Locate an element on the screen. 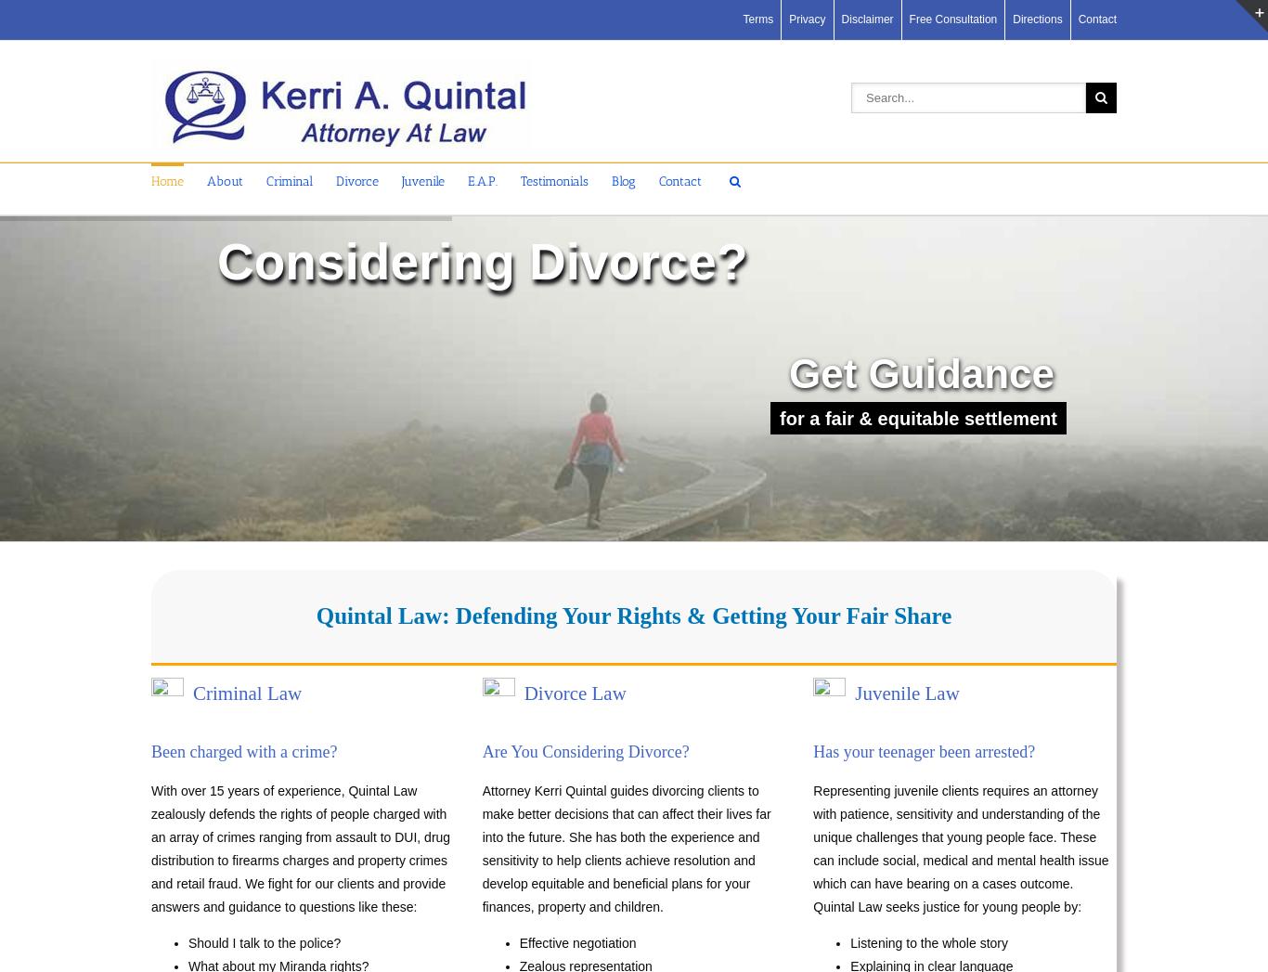  'Listening to the whole story' is located at coordinates (928, 943).